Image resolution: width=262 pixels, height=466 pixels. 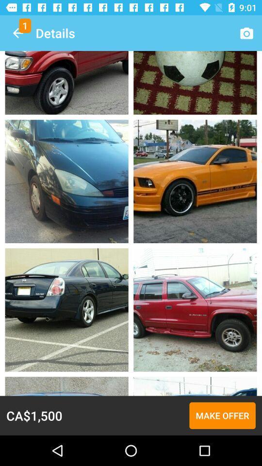 What do you see at coordinates (222, 415) in the screenshot?
I see `make offer icon` at bounding box center [222, 415].